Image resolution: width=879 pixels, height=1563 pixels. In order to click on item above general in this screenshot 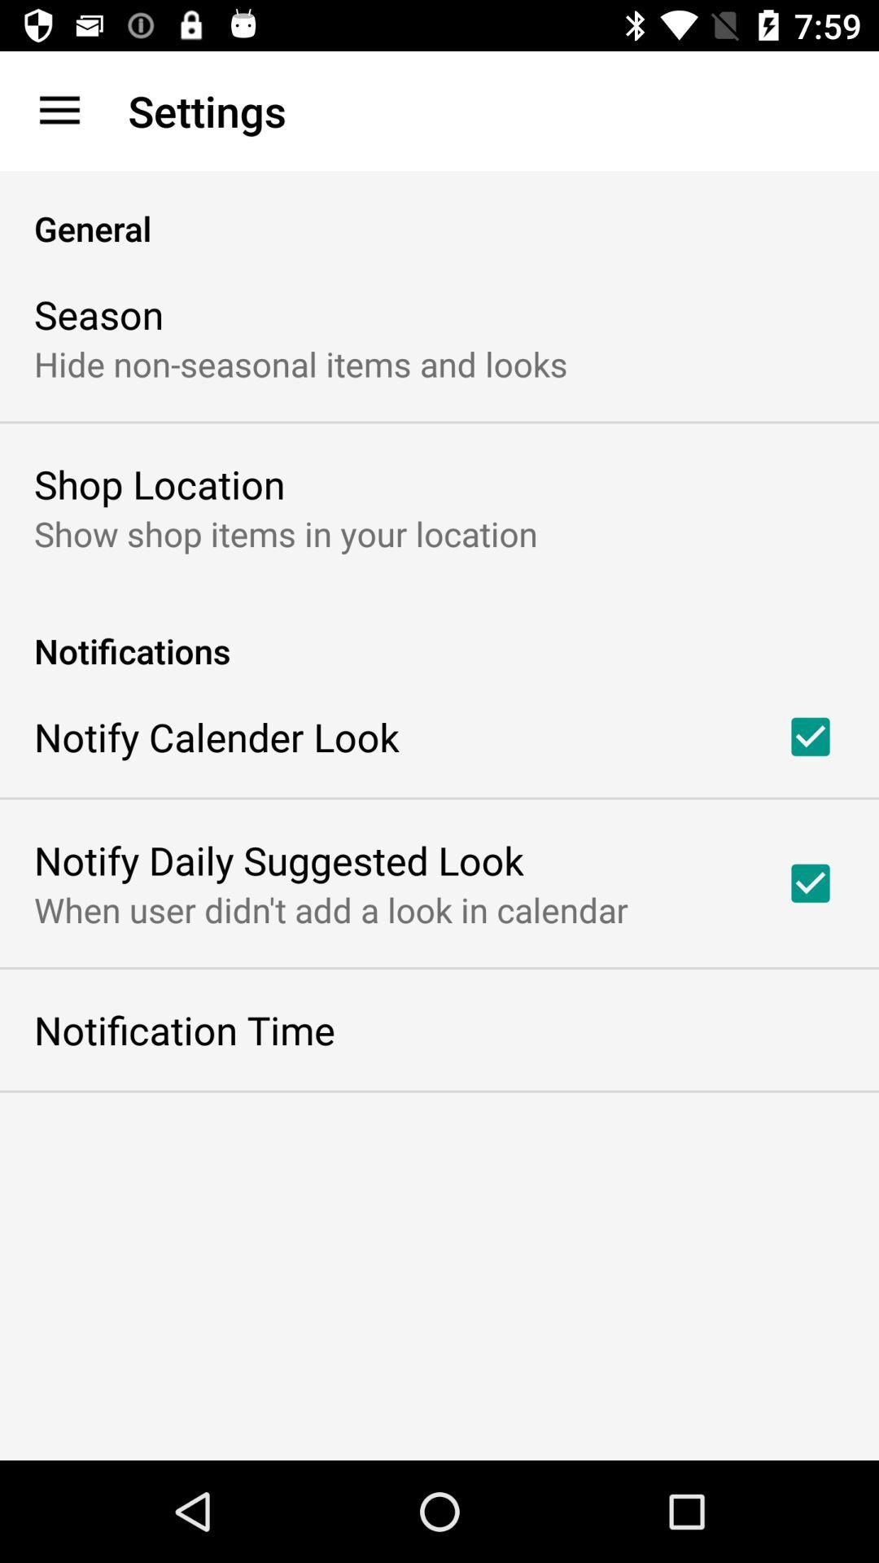, I will do `click(59, 110)`.